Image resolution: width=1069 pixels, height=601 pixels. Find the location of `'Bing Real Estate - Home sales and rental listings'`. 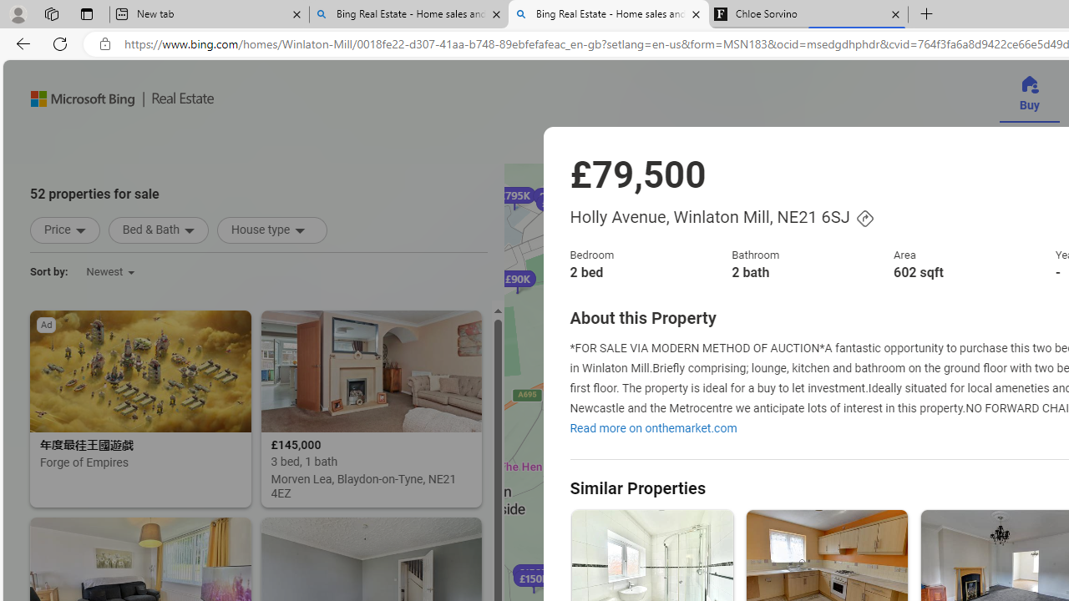

'Bing Real Estate - Home sales and rental listings' is located at coordinates (608, 14).